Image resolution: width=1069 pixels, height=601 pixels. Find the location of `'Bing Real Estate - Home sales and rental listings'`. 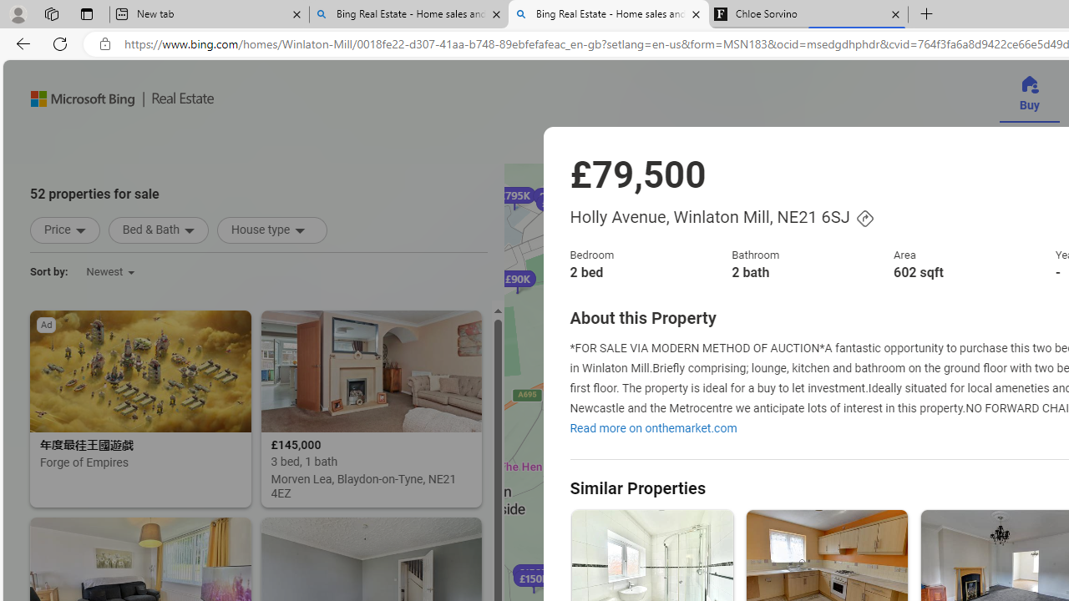

'Bing Real Estate - Home sales and rental listings' is located at coordinates (608, 14).